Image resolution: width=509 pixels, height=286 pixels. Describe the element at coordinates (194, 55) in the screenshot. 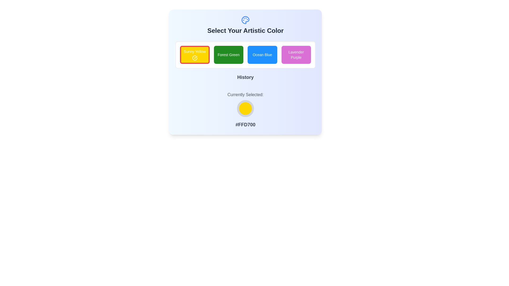

I see `the 'Sunny Yellow' color selection button, which is the first button in a horizontal row of four buttons` at that location.